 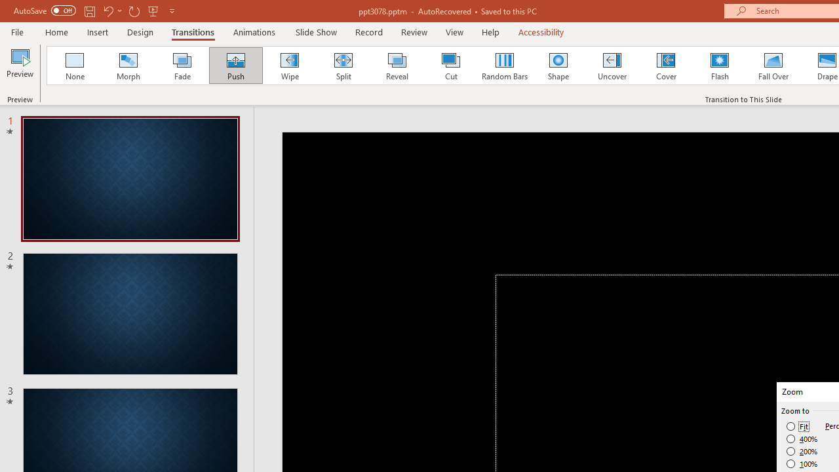 I want to click on '400%', so click(x=802, y=439).